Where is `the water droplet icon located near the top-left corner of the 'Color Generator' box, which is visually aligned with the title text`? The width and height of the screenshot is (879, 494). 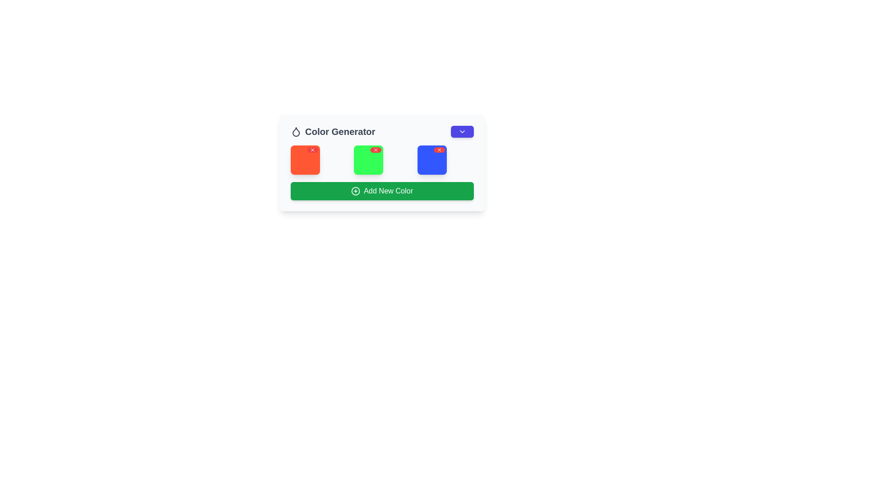 the water droplet icon located near the top-left corner of the 'Color Generator' box, which is visually aligned with the title text is located at coordinates (296, 132).